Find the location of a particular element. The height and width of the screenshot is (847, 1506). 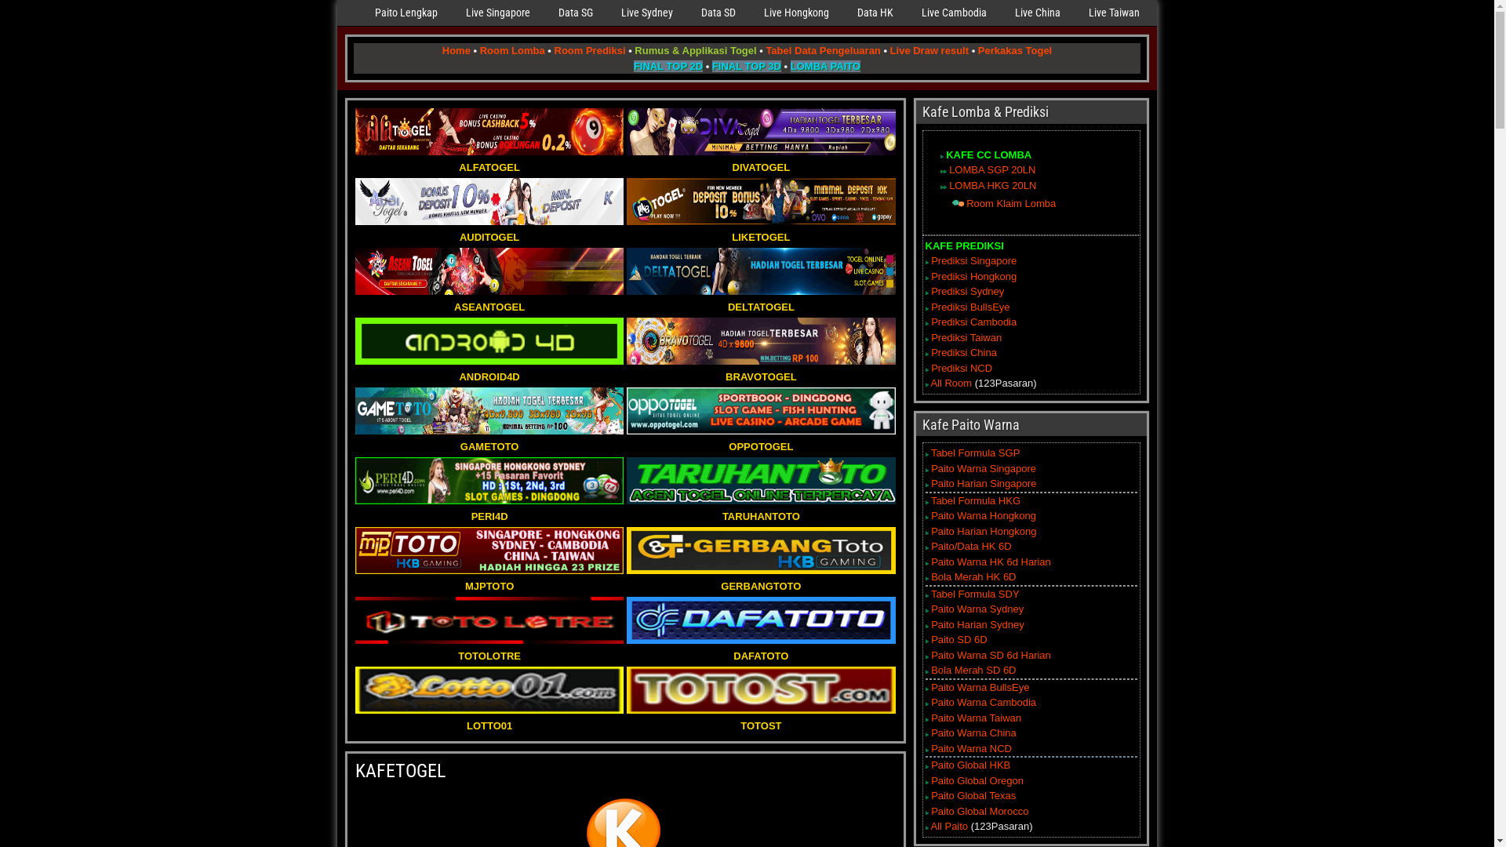

'Paito Global Oregon' is located at coordinates (977, 780).